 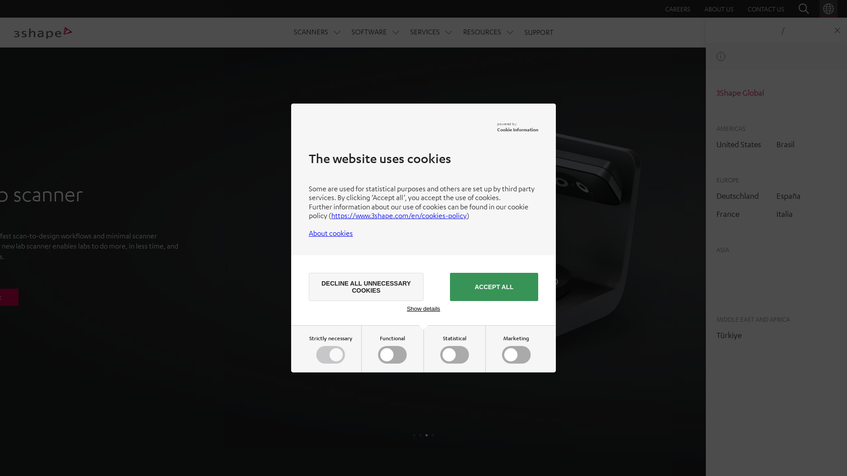 I want to click on 'About cookies', so click(x=330, y=232).